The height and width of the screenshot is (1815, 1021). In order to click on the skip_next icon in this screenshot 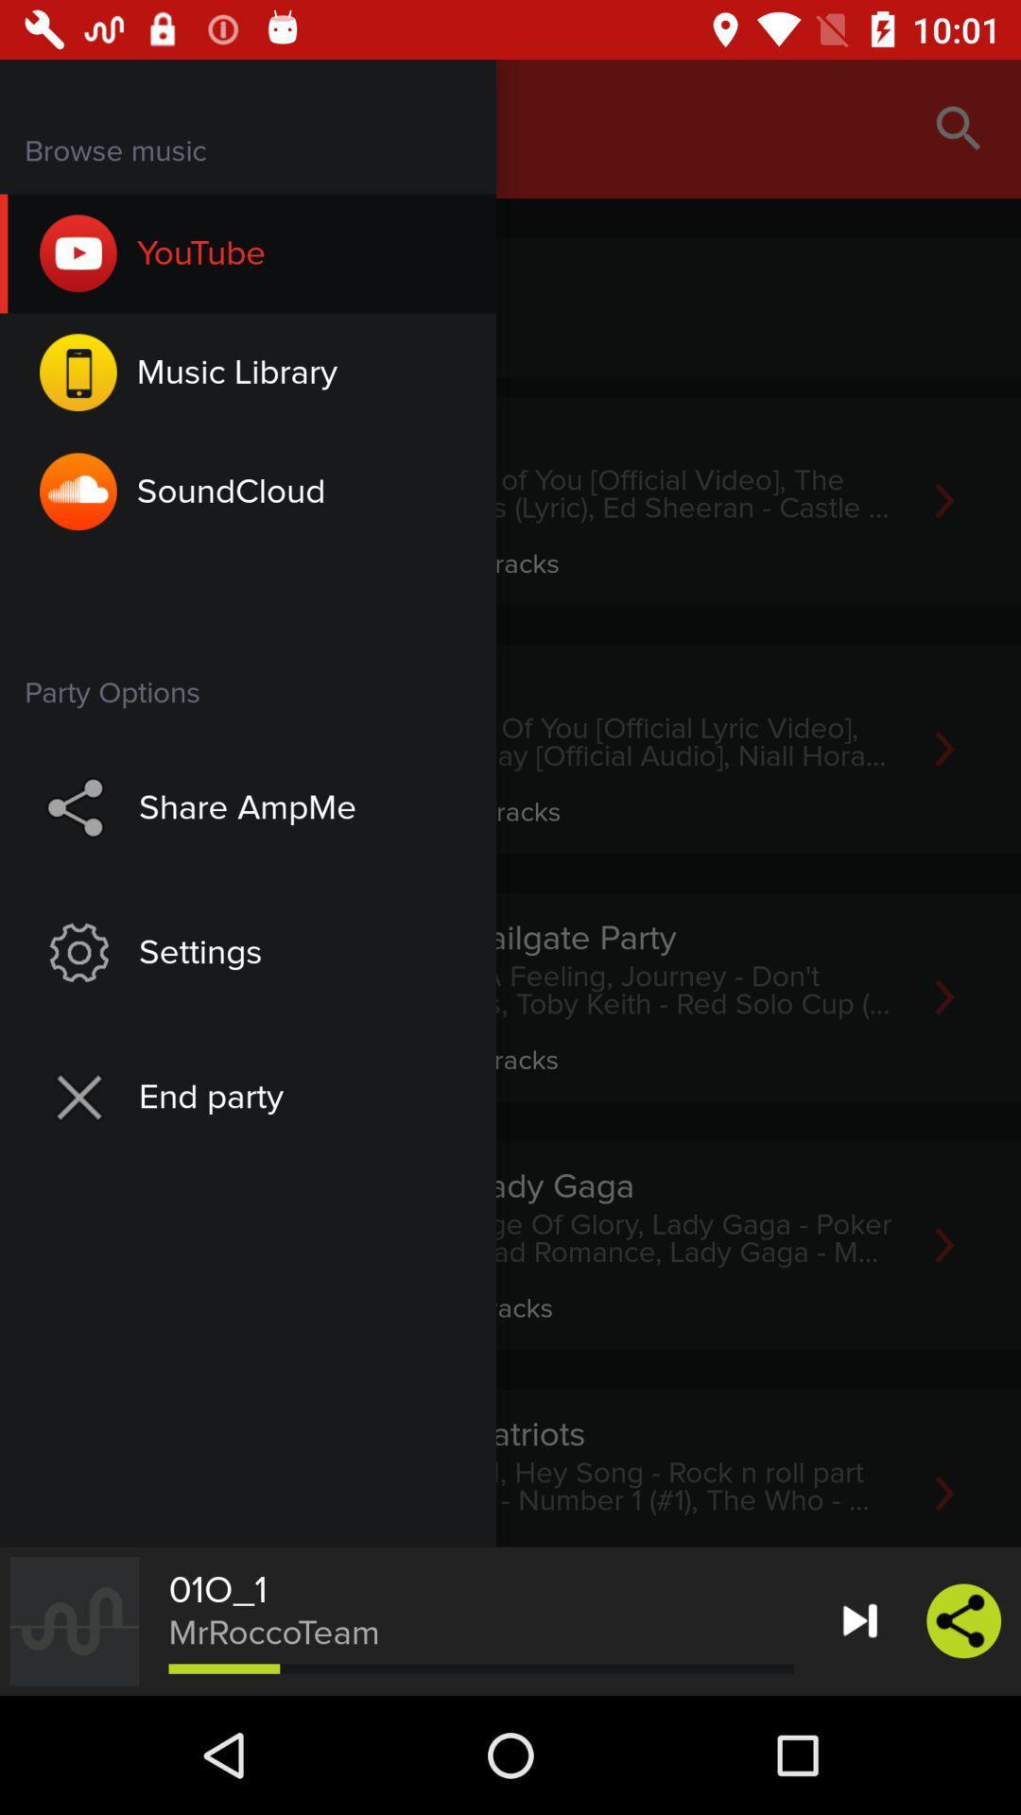, I will do `click(860, 1619)`.